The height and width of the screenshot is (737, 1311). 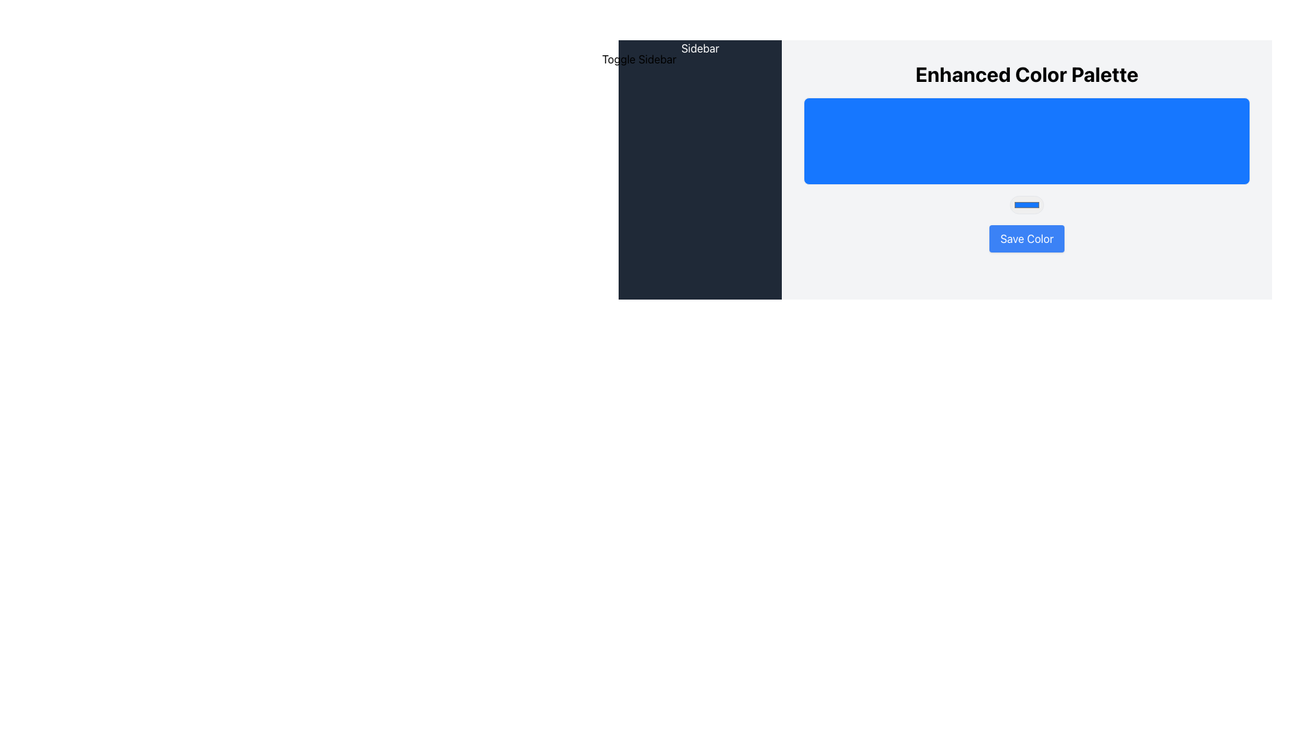 I want to click on the 'Save Color' button, which is a rectangular button with rounded corners, blue background, and white text, located in the lower section of the layout, so click(x=1027, y=238).